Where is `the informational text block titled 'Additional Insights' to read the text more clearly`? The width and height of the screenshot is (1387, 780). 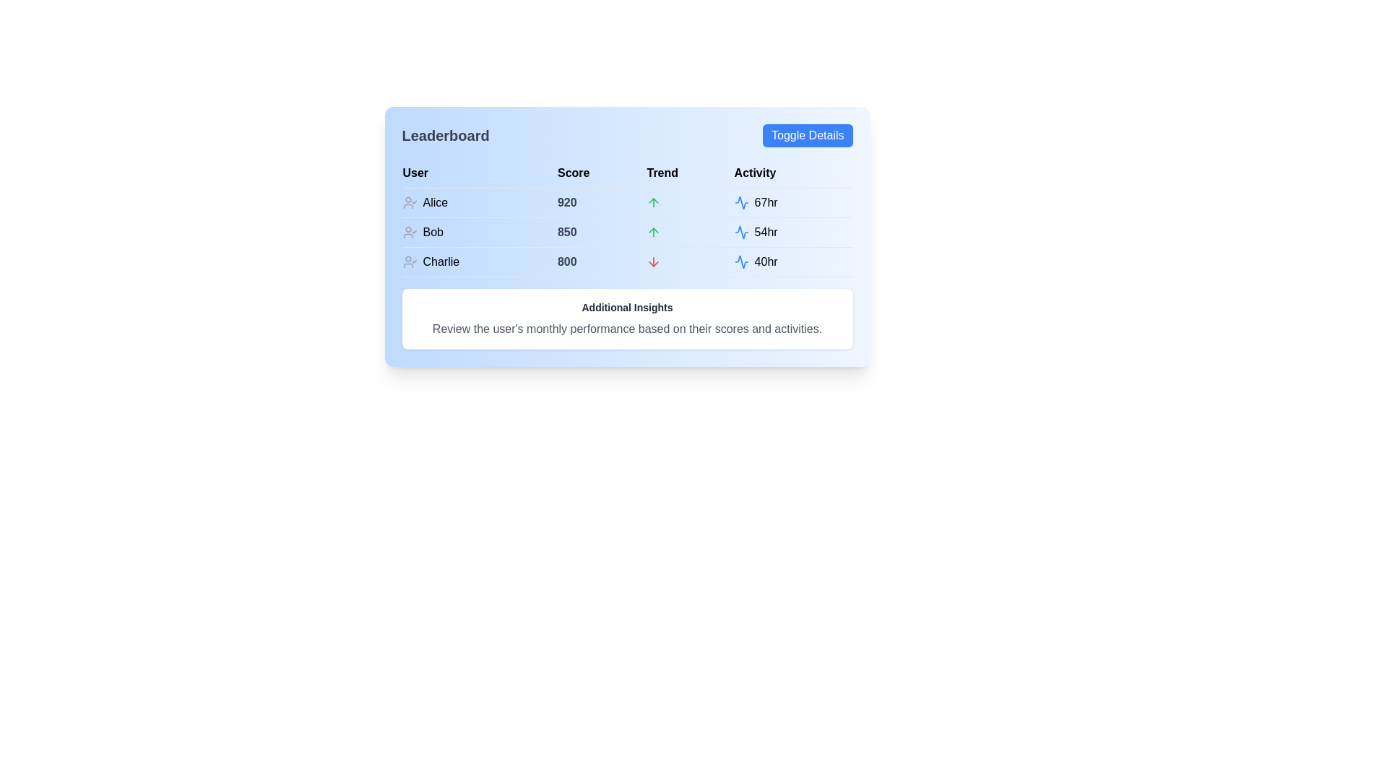
the informational text block titled 'Additional Insights' to read the text more clearly is located at coordinates (627, 318).